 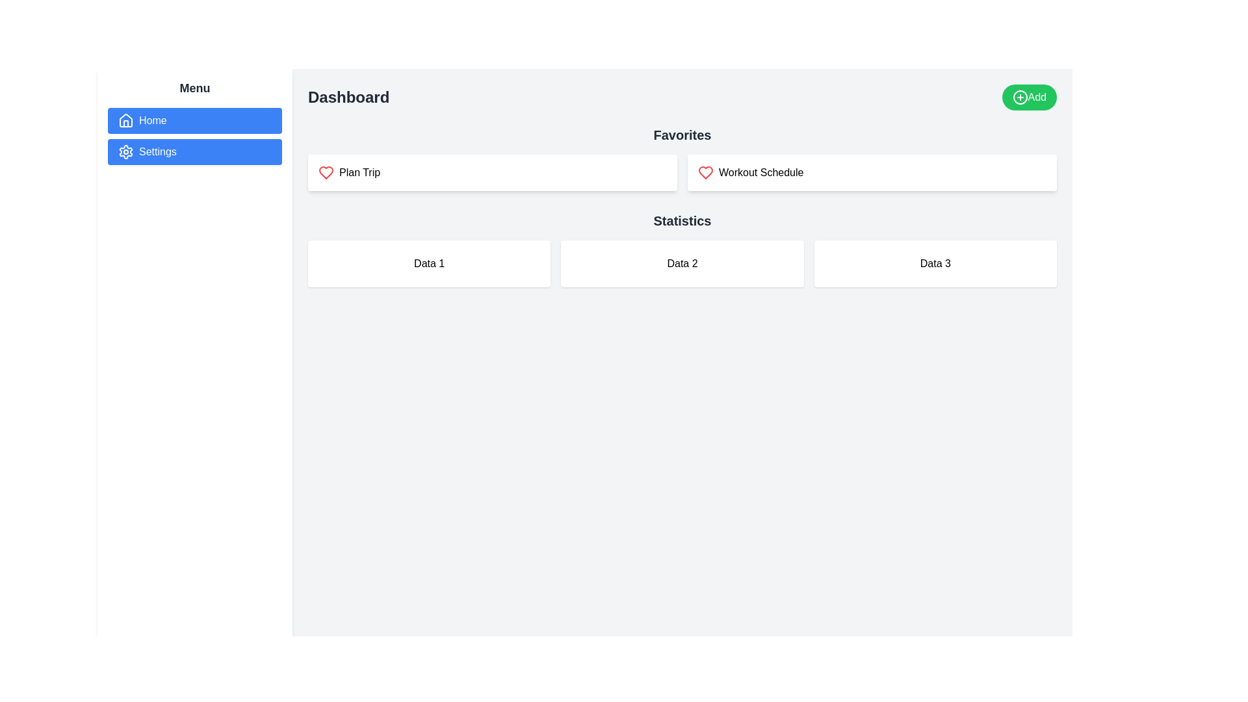 I want to click on the 'Plan Trip' button, which is a rectangular button with rounded corners, white background, and a red heart icon on the left, so click(x=492, y=172).